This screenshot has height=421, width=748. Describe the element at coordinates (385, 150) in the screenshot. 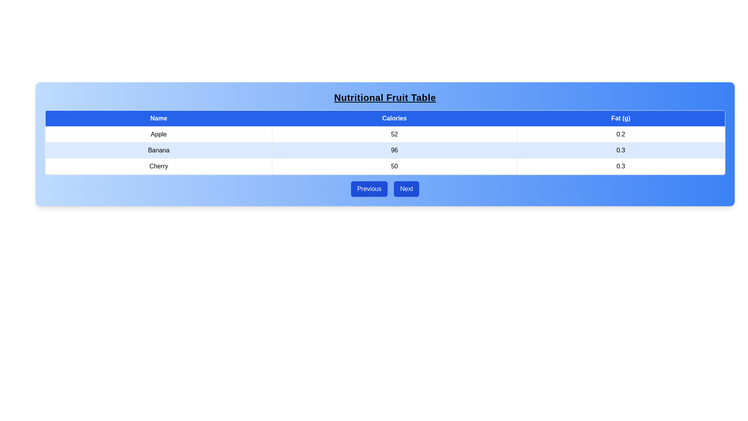

I see `the table row displaying information about 'Banana', which is the second row in the table, positioned between 'Apple' and 'Cherry'` at that location.